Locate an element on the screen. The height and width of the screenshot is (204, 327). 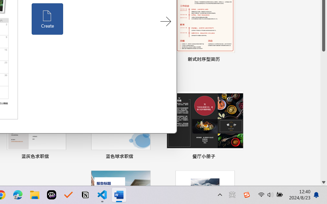
'Create' is located at coordinates (47, 19).